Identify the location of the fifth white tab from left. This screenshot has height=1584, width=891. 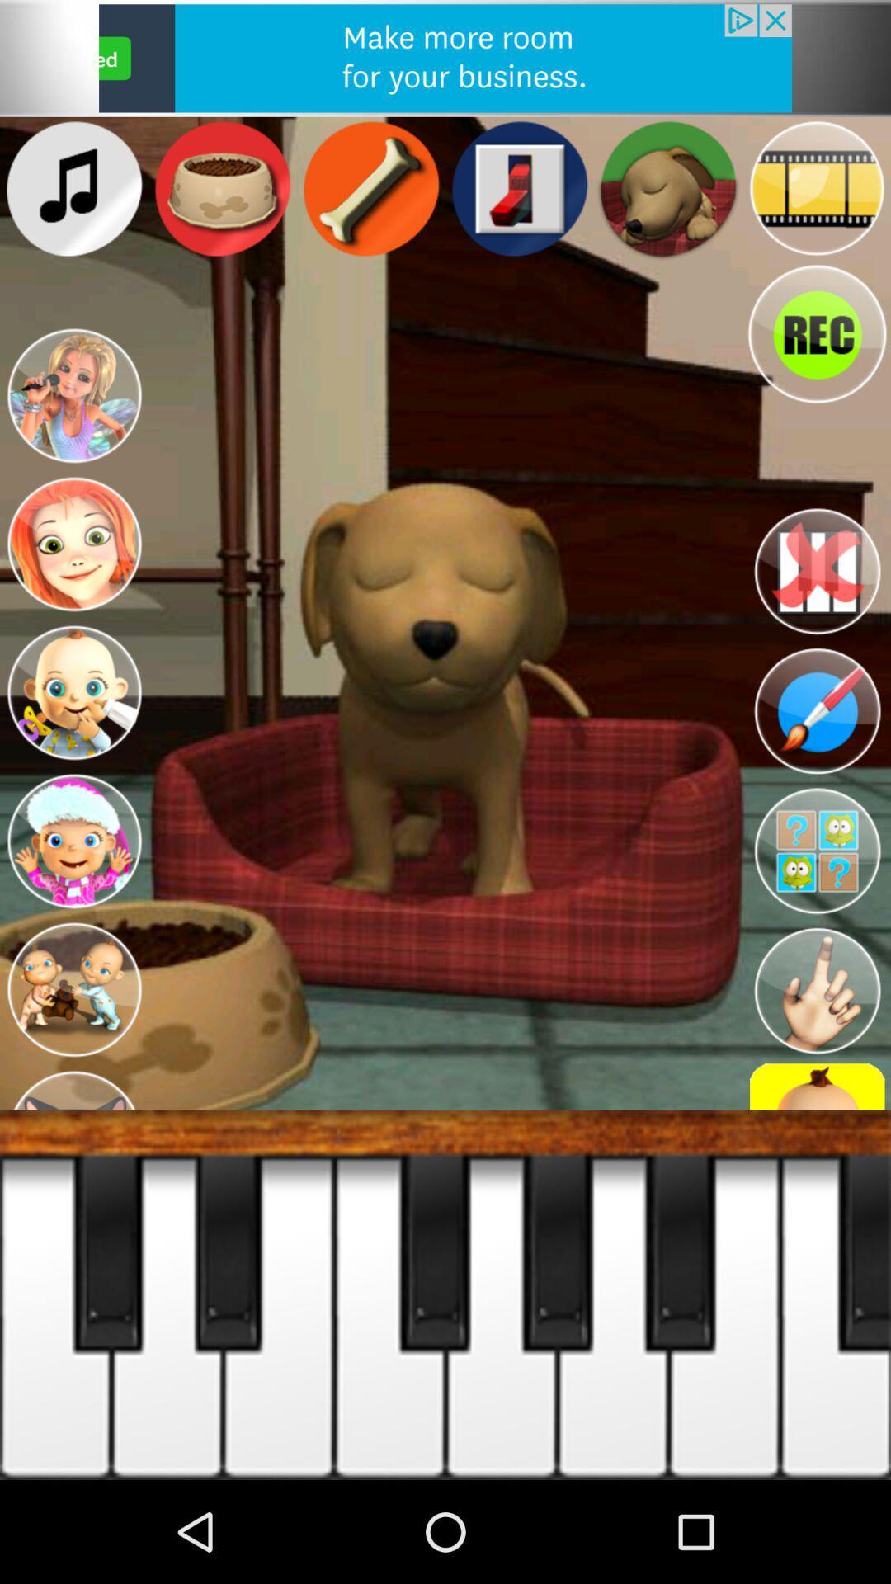
(500, 1294).